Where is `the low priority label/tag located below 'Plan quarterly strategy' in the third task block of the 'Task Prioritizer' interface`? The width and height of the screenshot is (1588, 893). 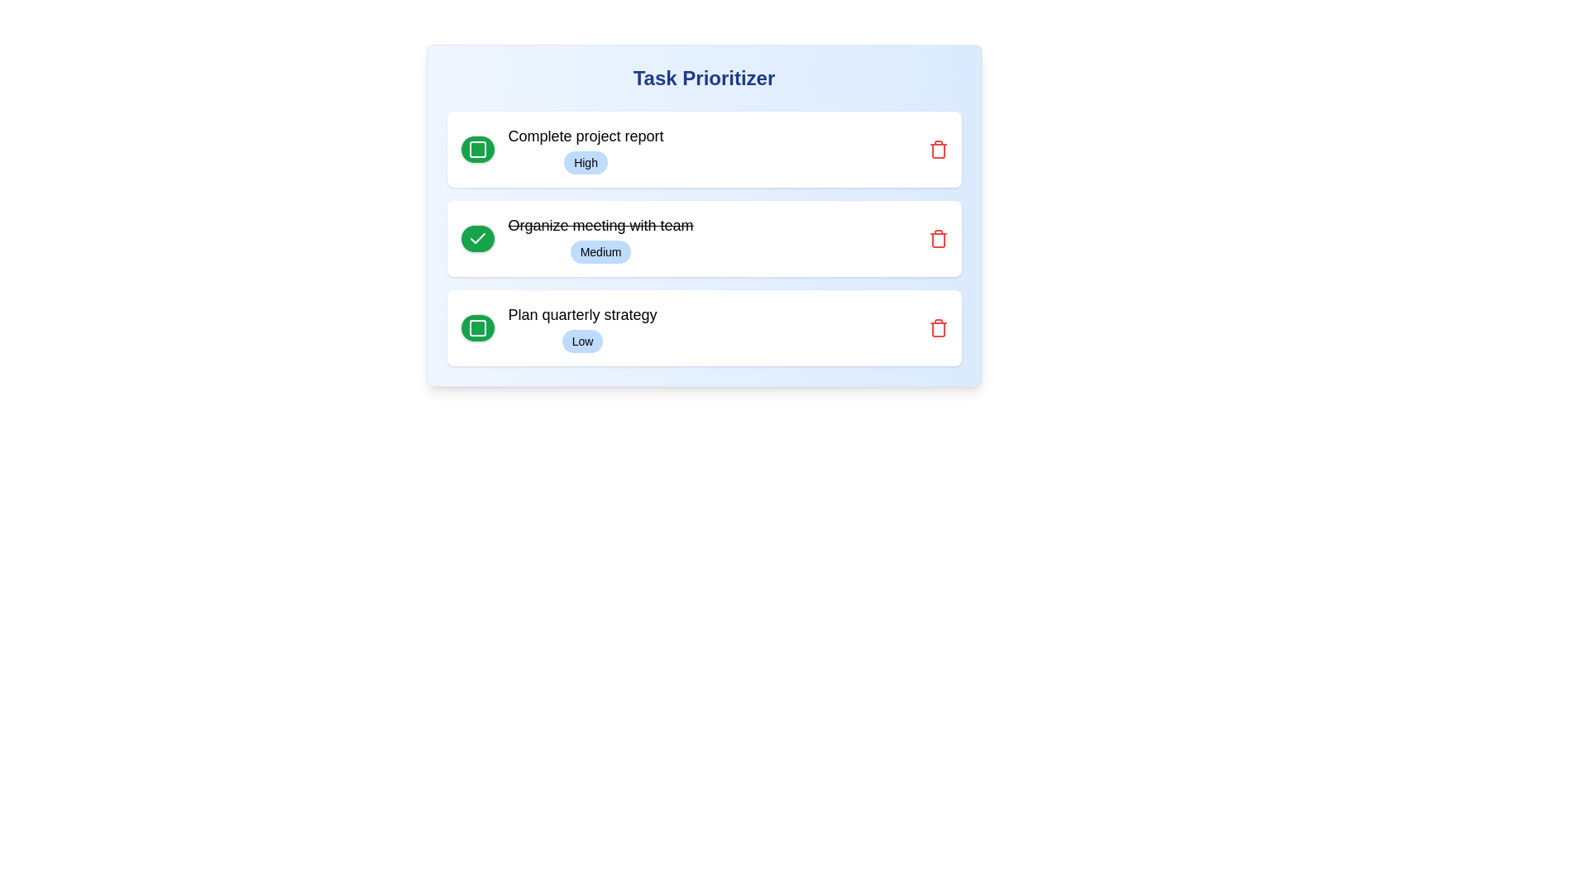
the low priority label/tag located below 'Plan quarterly strategy' in the third task block of the 'Task Prioritizer' interface is located at coordinates (582, 340).